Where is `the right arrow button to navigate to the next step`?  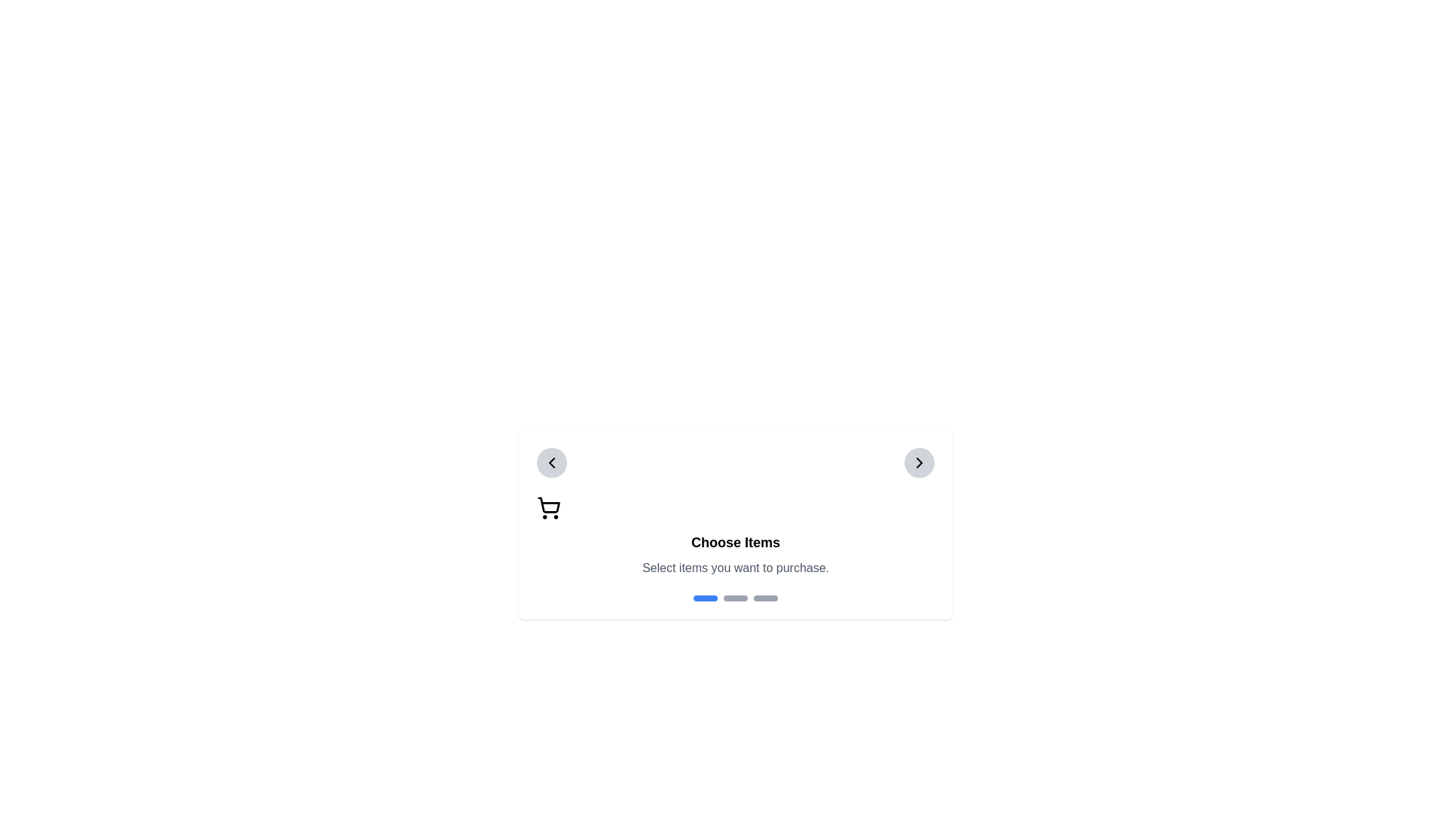 the right arrow button to navigate to the next step is located at coordinates (918, 461).